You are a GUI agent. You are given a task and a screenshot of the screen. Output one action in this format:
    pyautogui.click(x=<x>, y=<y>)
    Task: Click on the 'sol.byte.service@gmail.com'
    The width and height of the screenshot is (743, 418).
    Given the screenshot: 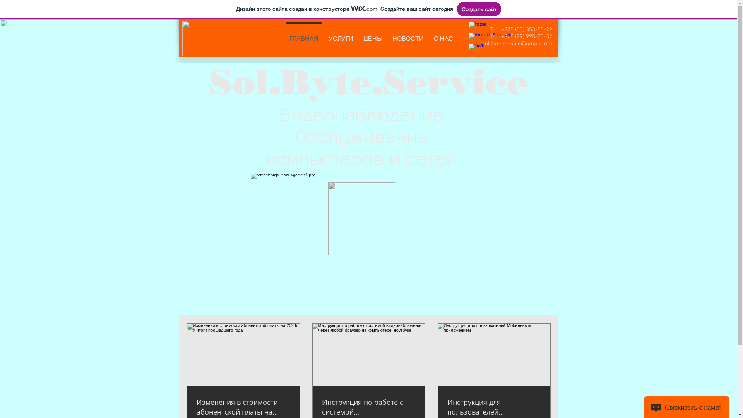 What is the action you would take?
    pyautogui.click(x=517, y=43)
    